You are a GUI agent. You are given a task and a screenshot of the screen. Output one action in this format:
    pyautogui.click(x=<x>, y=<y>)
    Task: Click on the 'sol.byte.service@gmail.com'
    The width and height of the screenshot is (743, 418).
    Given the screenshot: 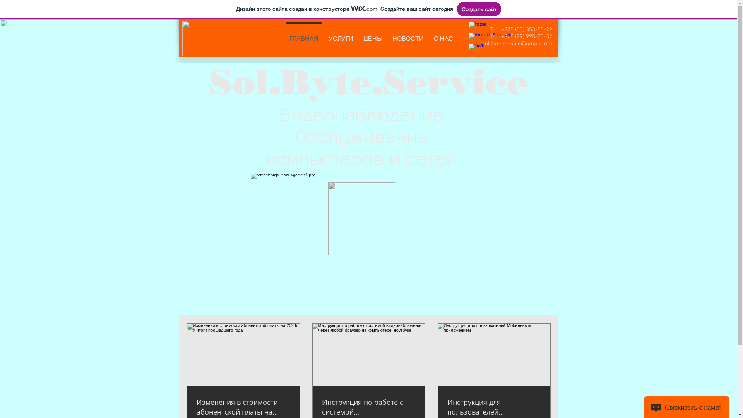 What is the action you would take?
    pyautogui.click(x=517, y=43)
    